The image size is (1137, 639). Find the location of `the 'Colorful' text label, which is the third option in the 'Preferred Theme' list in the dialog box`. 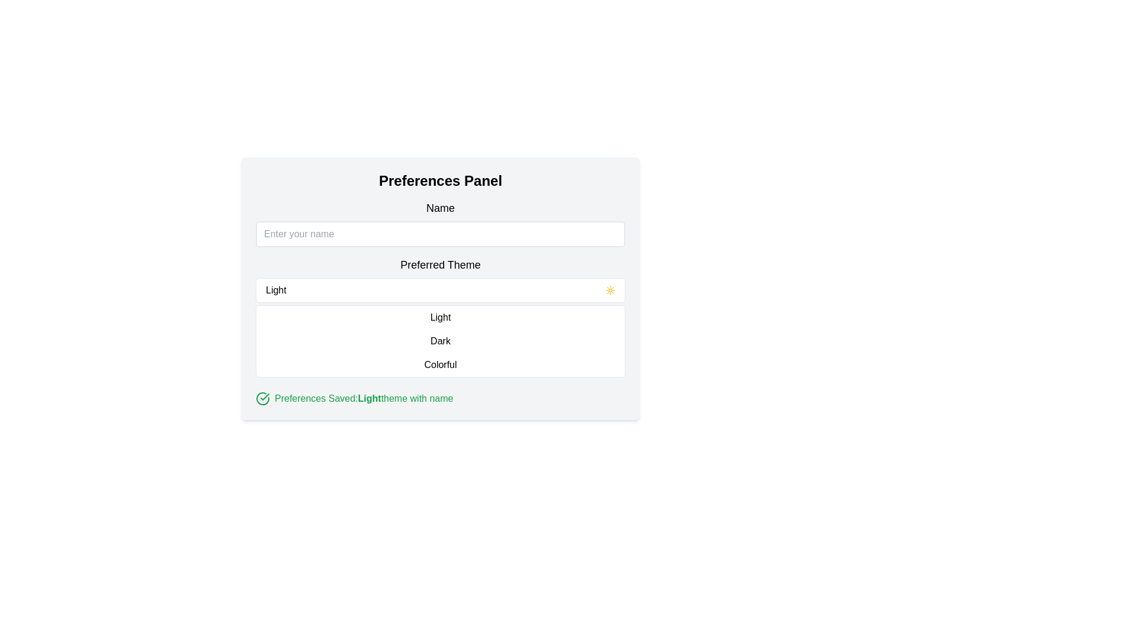

the 'Colorful' text label, which is the third option in the 'Preferred Theme' list in the dialog box is located at coordinates (440, 364).